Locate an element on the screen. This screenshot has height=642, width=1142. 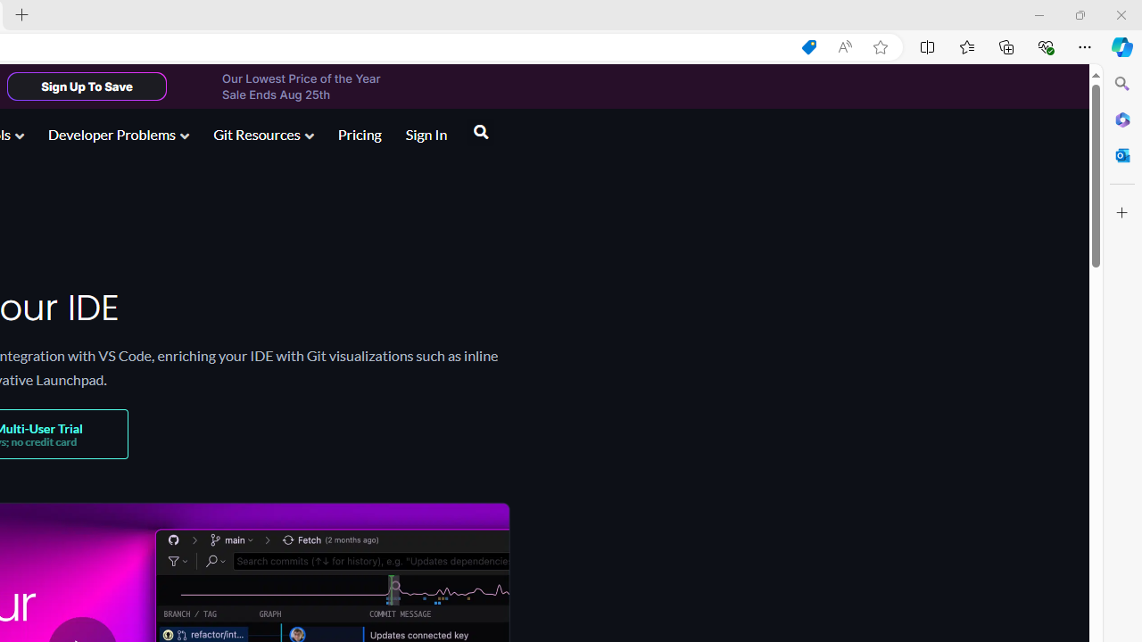
'Pricing' is located at coordinates (358, 133).